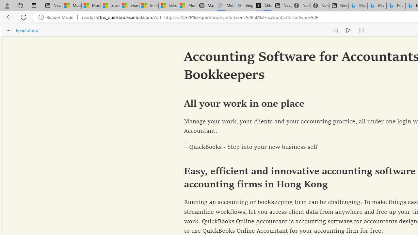  I want to click on 'Gilma and Hector both pose tropical trouble for Hawaii', so click(168, 6).